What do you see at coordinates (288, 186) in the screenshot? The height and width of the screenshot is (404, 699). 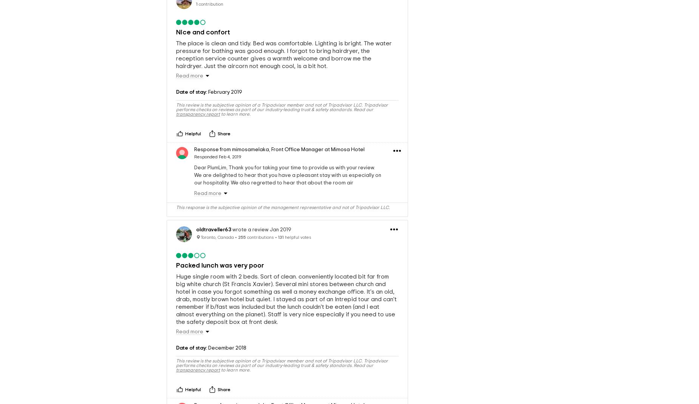 I see `'Dear PlumLim,  Thank you for taking your time to provide us with your review. We are delighted to hear that you have a pleasant stay with us especially on our hospitality.   We also regretted to hear that about the room air conditioning and we will definitely take an immediate action for future improvements.  Looking forward to welcome you again in the future!  Warm regards Ady Operation Manager'` at bounding box center [288, 186].